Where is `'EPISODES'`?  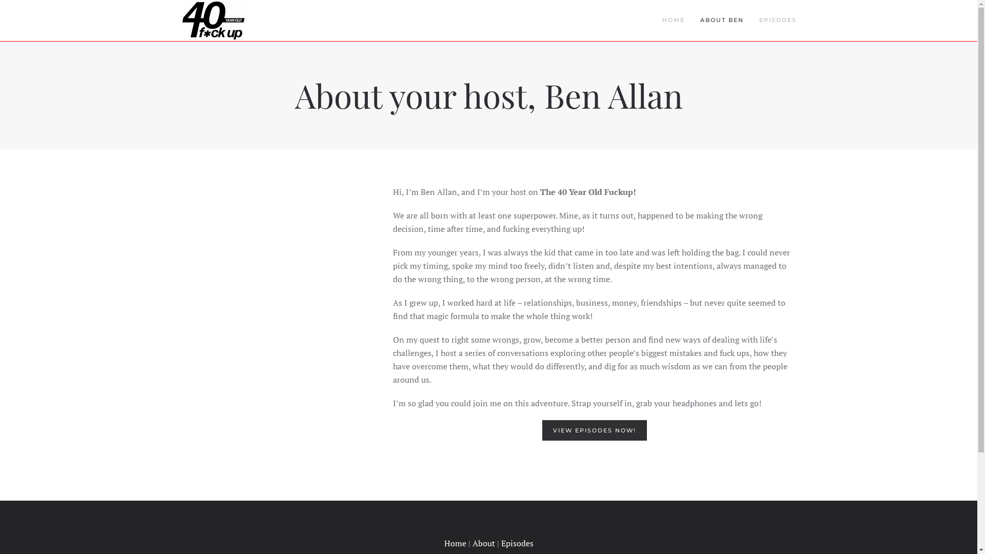 'EPISODES' is located at coordinates (777, 20).